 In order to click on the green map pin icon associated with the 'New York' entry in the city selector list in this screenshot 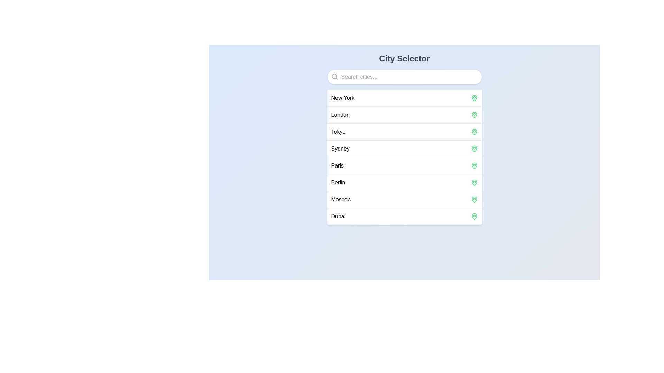, I will do `click(474, 98)`.